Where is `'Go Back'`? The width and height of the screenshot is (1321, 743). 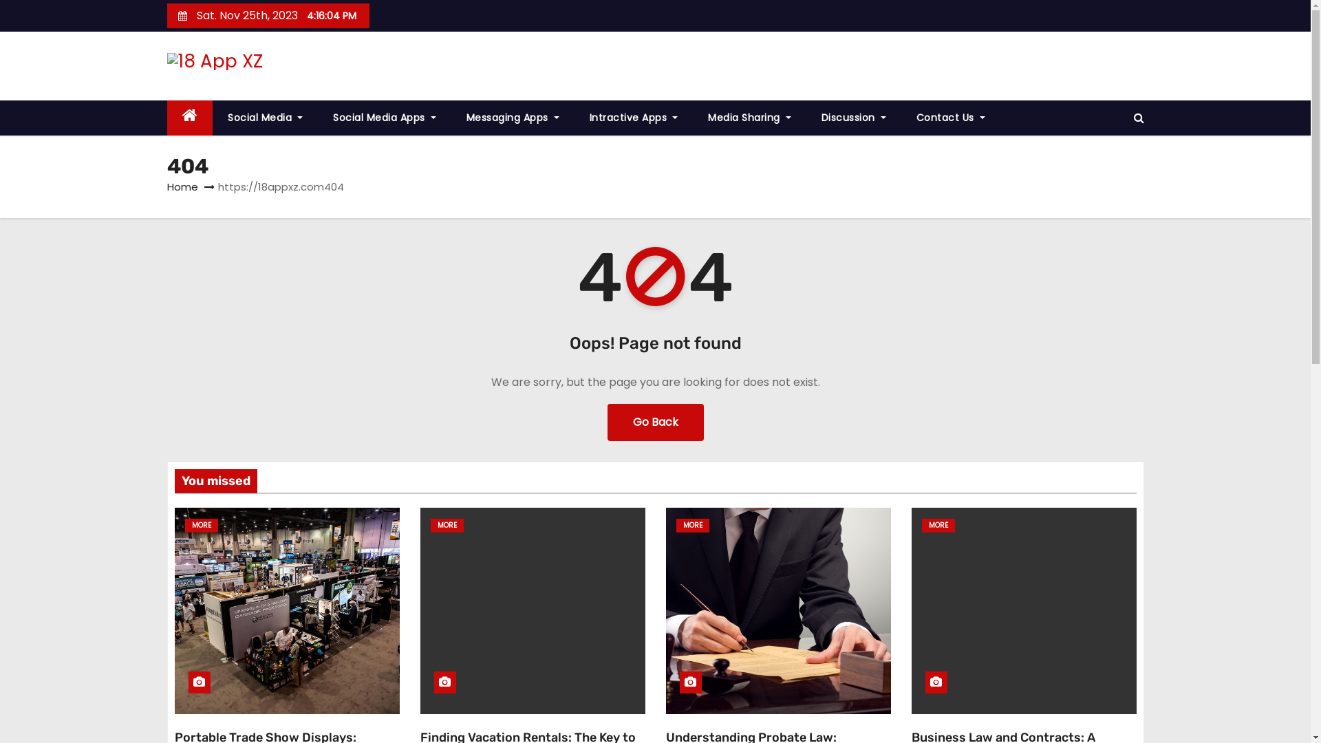 'Go Back' is located at coordinates (654, 421).